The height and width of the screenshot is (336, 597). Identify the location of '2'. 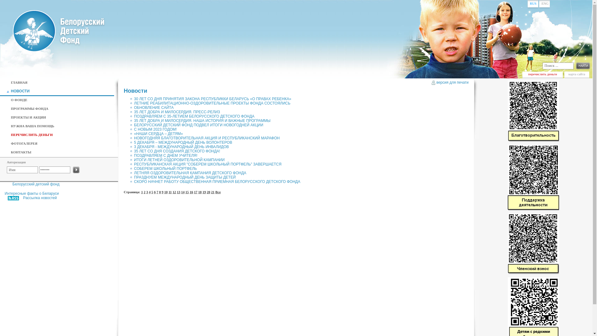
(144, 190).